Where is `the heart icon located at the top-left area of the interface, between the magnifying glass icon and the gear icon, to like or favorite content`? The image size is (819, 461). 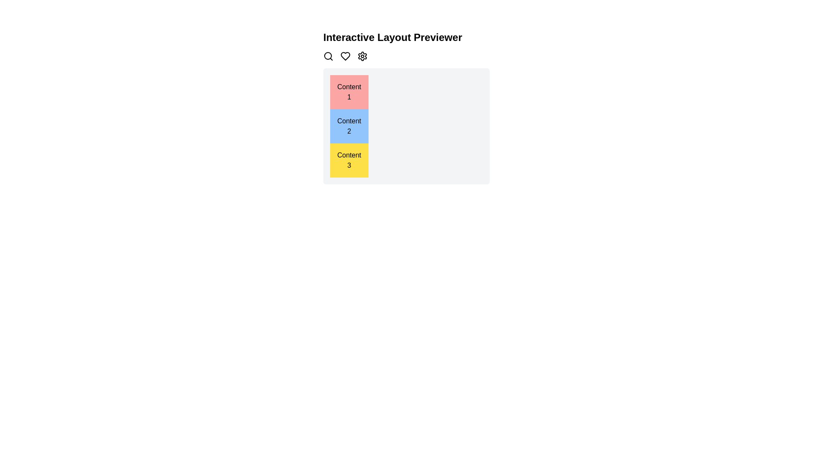 the heart icon located at the top-left area of the interface, between the magnifying glass icon and the gear icon, to like or favorite content is located at coordinates (346, 56).